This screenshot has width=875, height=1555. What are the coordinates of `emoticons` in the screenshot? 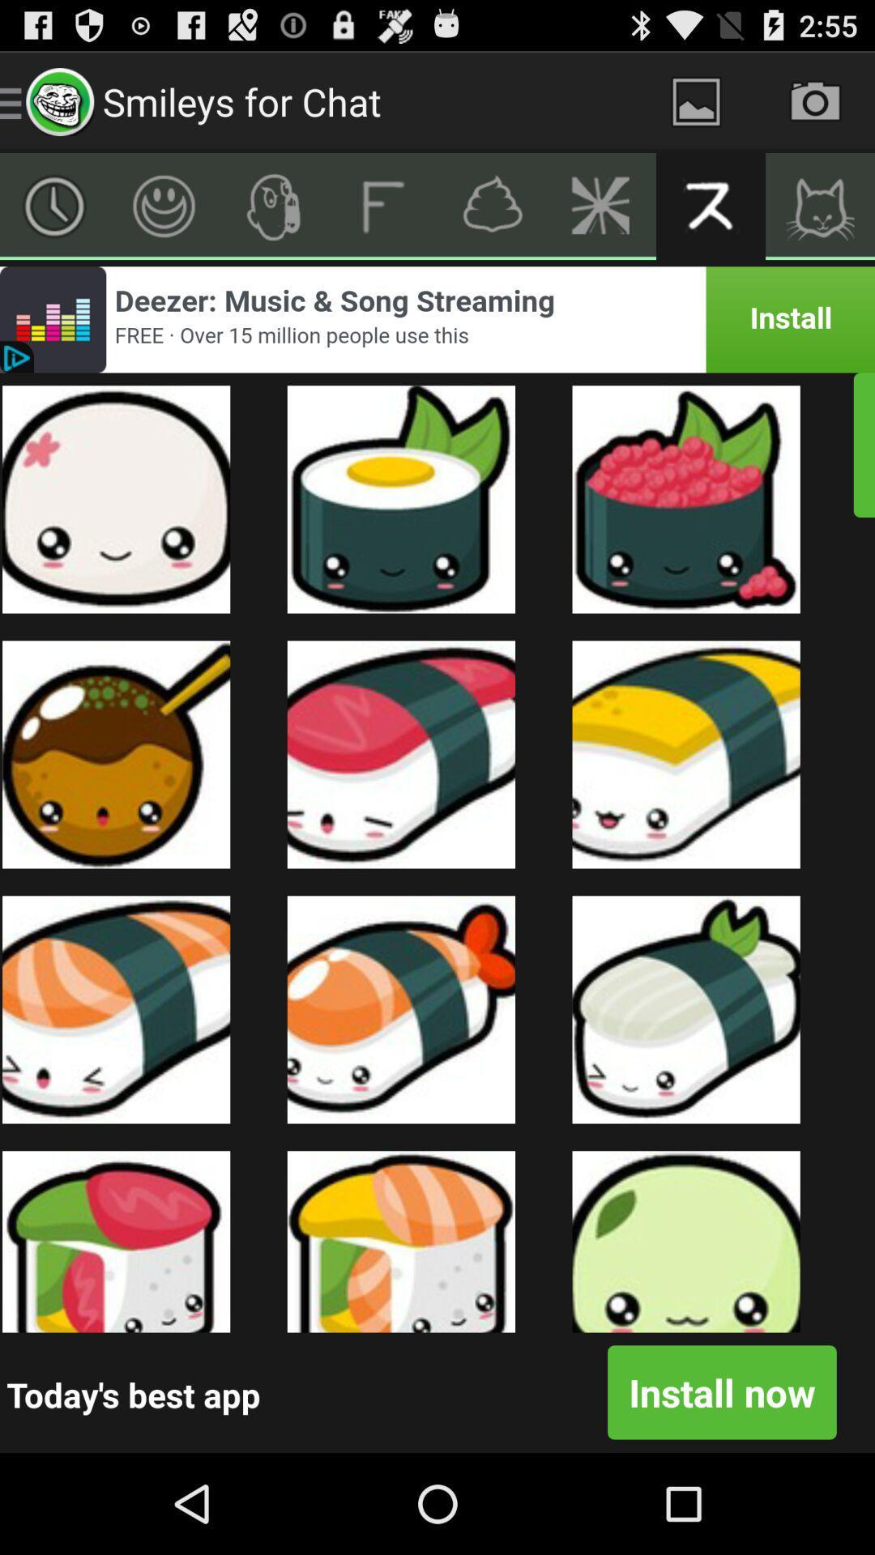 It's located at (164, 205).